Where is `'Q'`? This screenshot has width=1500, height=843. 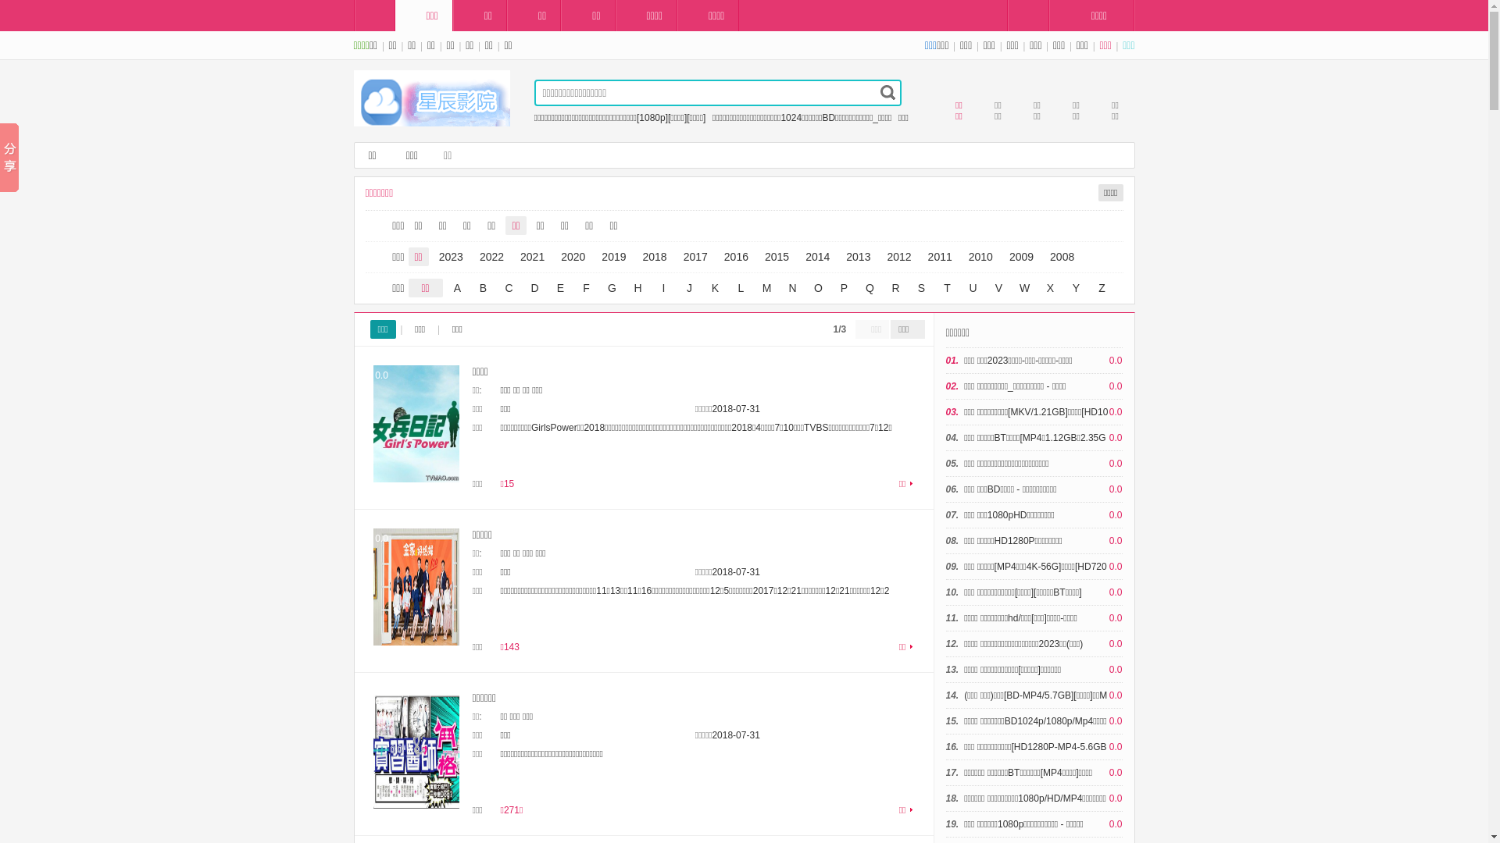
'Q' is located at coordinates (869, 288).